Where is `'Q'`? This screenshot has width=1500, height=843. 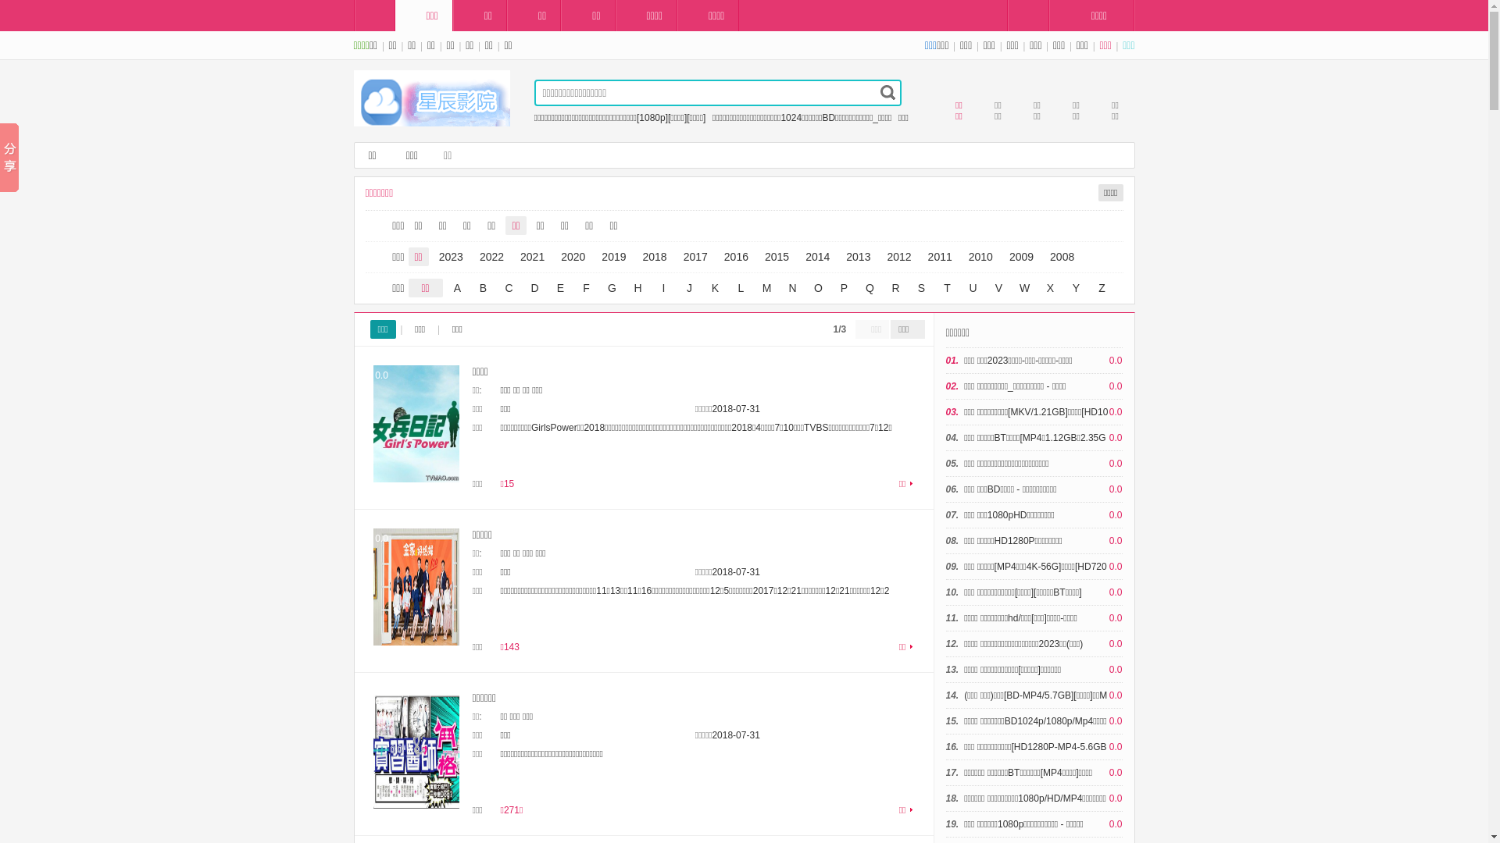
'Q' is located at coordinates (869, 288).